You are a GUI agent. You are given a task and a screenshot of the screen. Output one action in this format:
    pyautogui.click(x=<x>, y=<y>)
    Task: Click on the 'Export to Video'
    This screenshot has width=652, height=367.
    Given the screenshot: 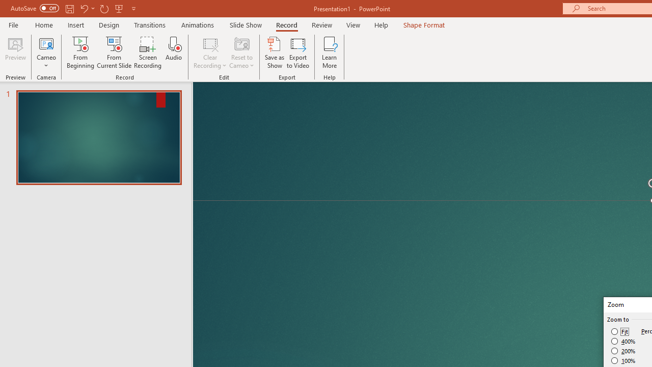 What is the action you would take?
    pyautogui.click(x=297, y=53)
    